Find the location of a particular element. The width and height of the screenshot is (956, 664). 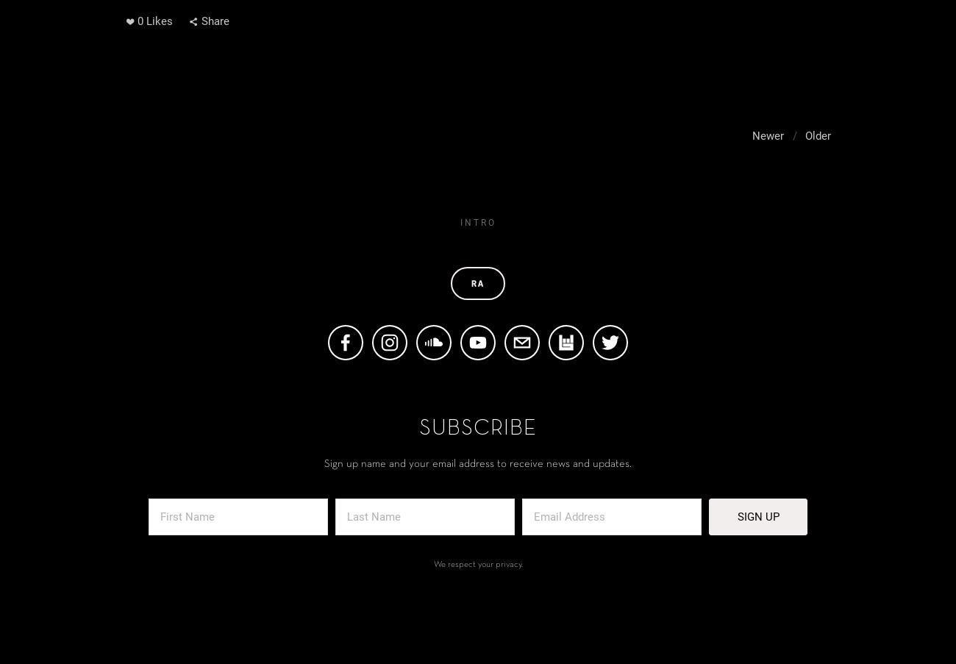

'Share' is located at coordinates (215, 20).